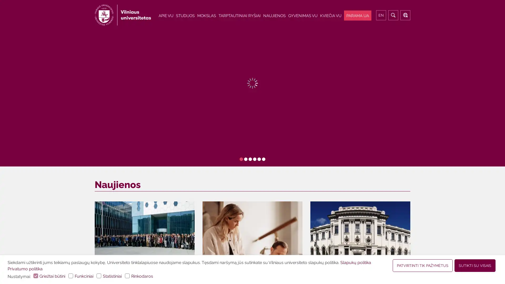 The height and width of the screenshot is (284, 505). What do you see at coordinates (423, 266) in the screenshot?
I see `allow cookies` at bounding box center [423, 266].